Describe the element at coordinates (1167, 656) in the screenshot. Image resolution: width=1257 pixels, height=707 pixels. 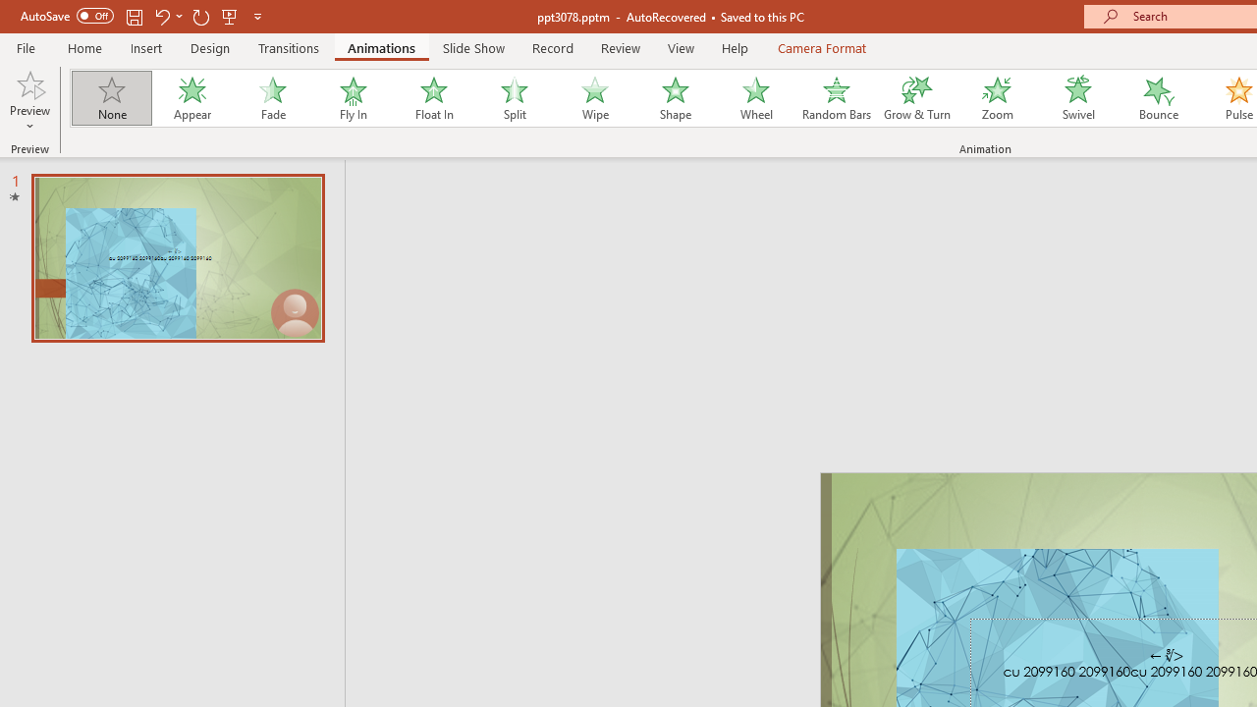
I see `'TextBox 7'` at that location.